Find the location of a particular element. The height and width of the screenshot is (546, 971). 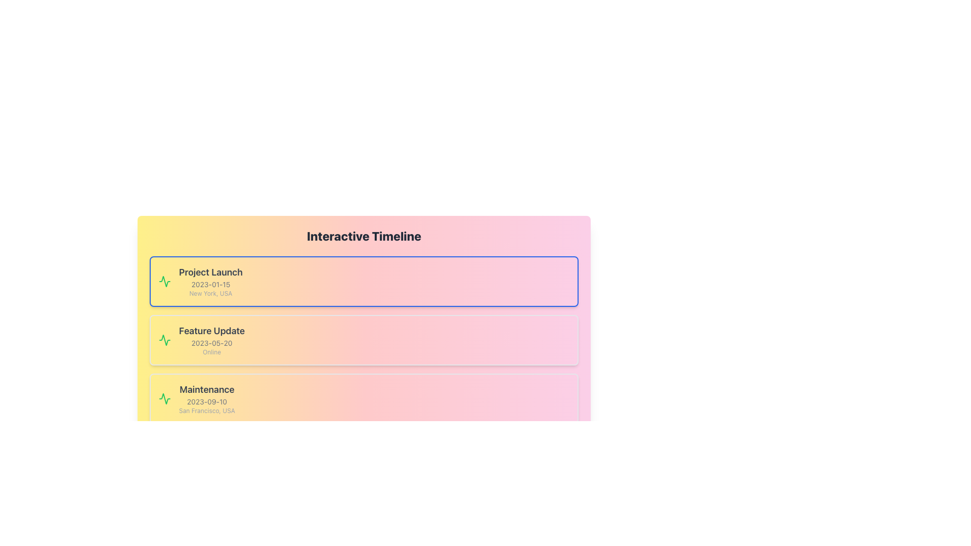

the static text indicating the status of the event, which is located in the center-lower part of the 'Feature Update' entry in the timeline, positioned below the '2023-05-20' date text is located at coordinates (211, 352).